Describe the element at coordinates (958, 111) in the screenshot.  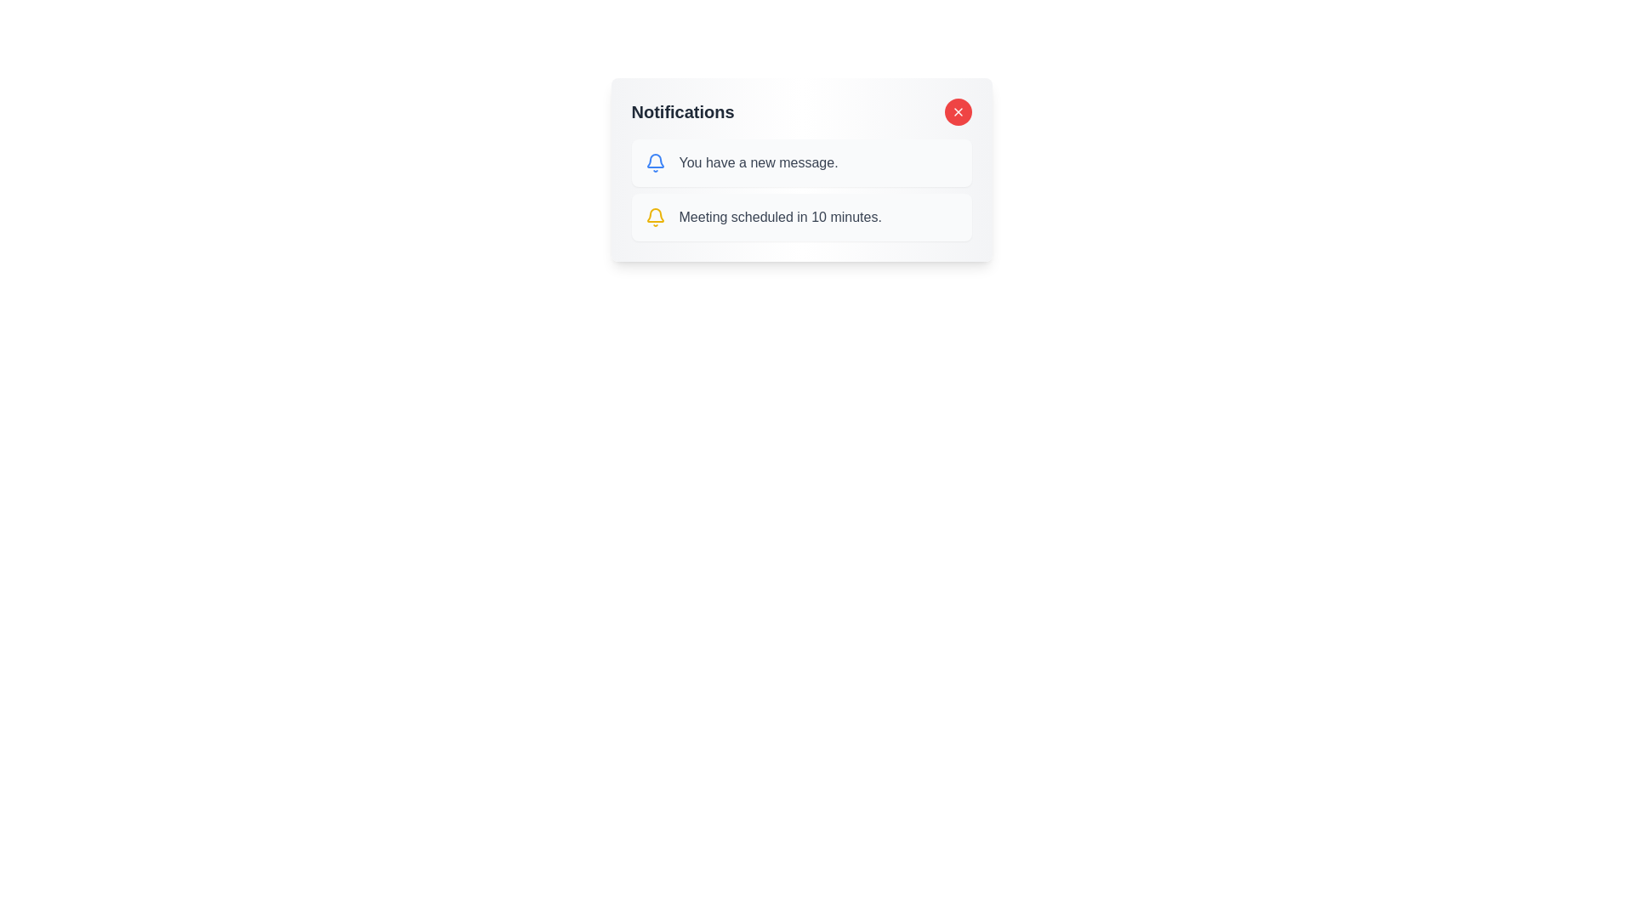
I see `the close button located at the top-right corner of the notification card` at that location.